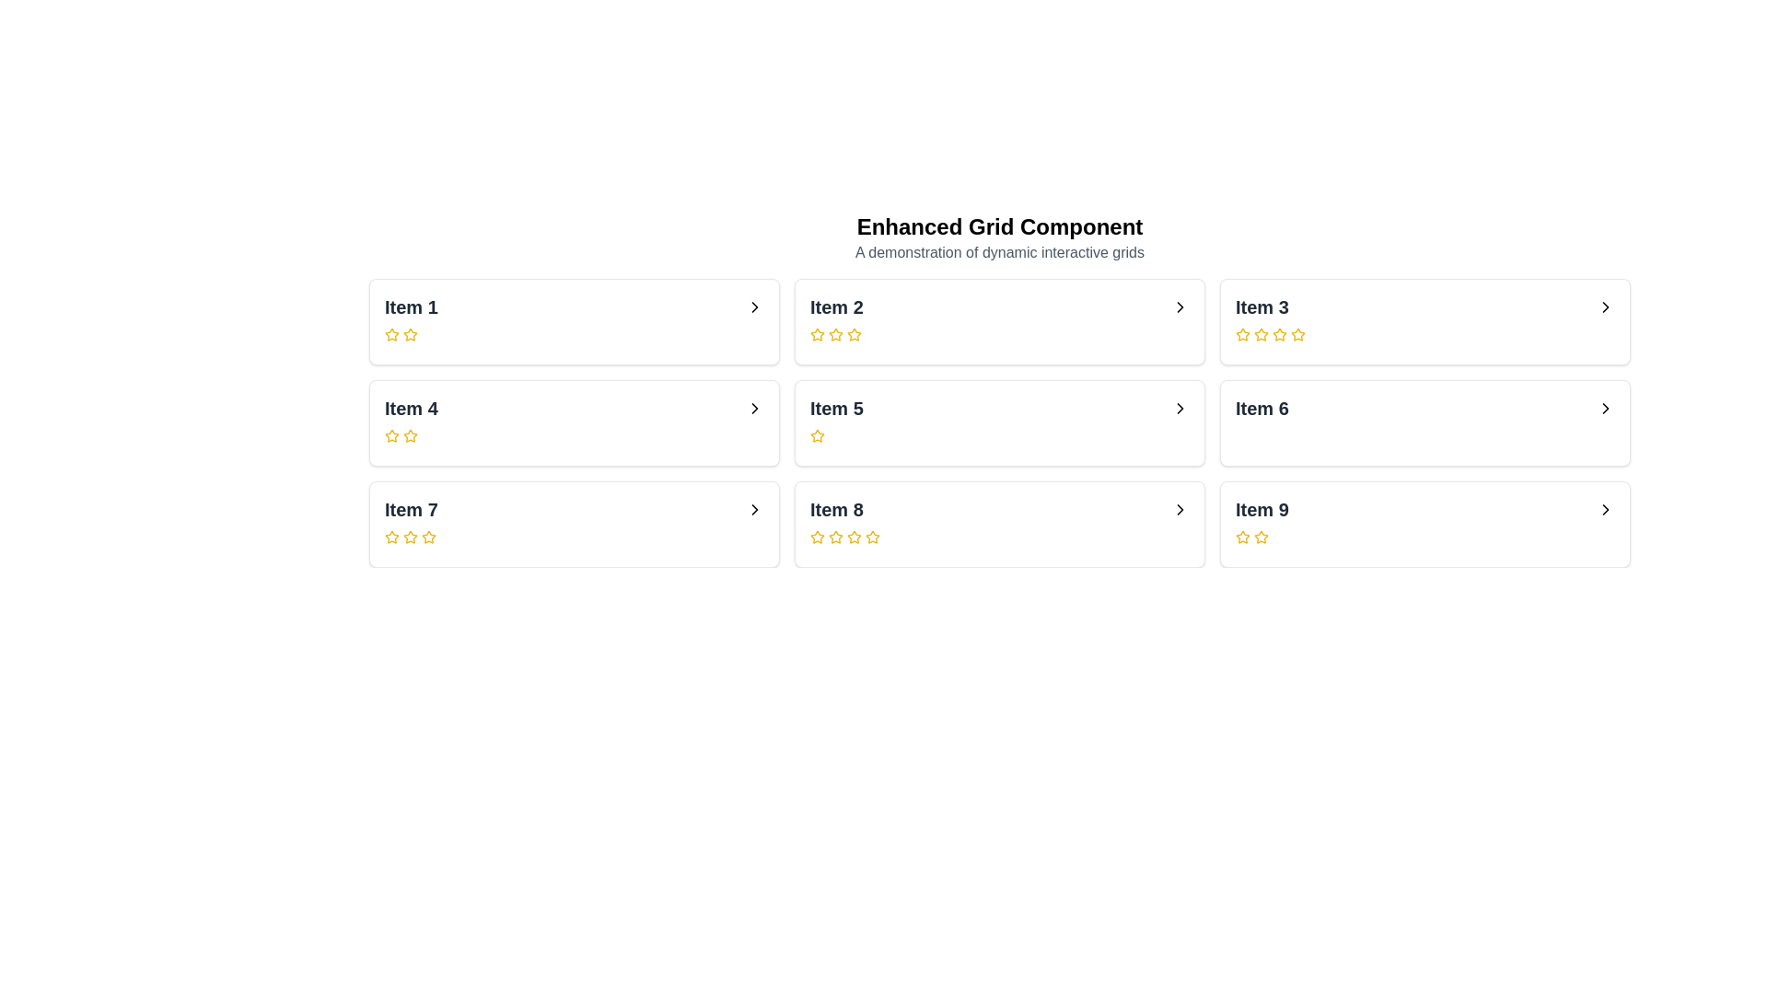  What do you see at coordinates (1425, 537) in the screenshot?
I see `the Rating Indicator (Star icons) located below the title 'Item 9' in the last column of the bottom row in a grid layout` at bounding box center [1425, 537].